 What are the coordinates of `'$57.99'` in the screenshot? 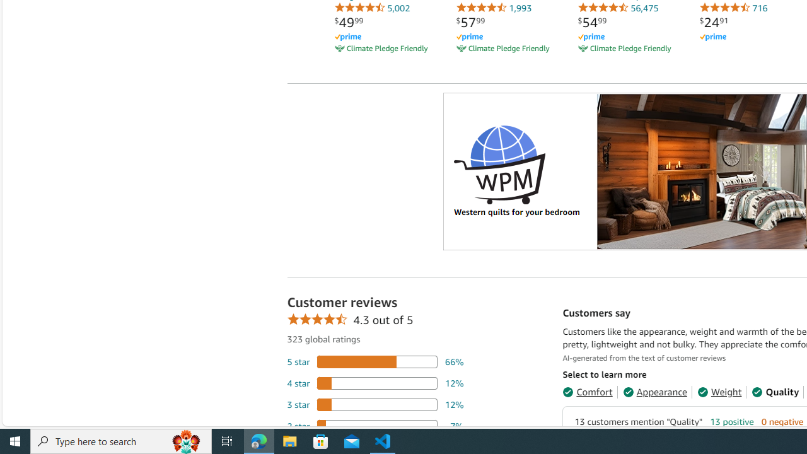 It's located at (470, 22).